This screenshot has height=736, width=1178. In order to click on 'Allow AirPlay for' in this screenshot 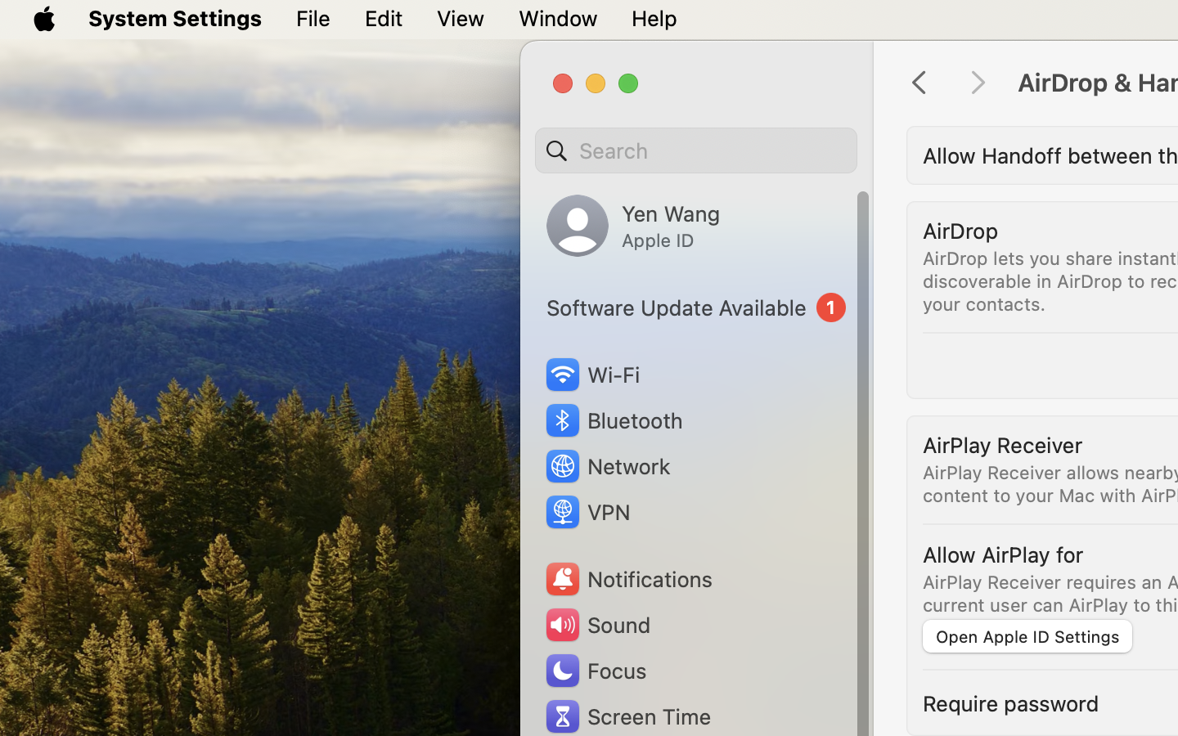, I will do `click(1002, 553)`.